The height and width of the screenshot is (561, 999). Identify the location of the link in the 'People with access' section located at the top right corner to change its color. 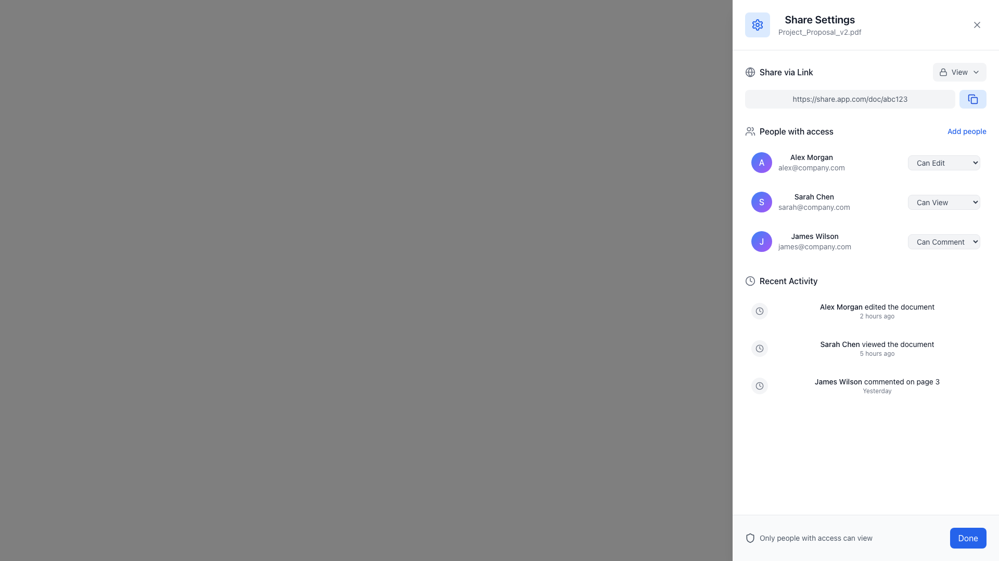
(966, 131).